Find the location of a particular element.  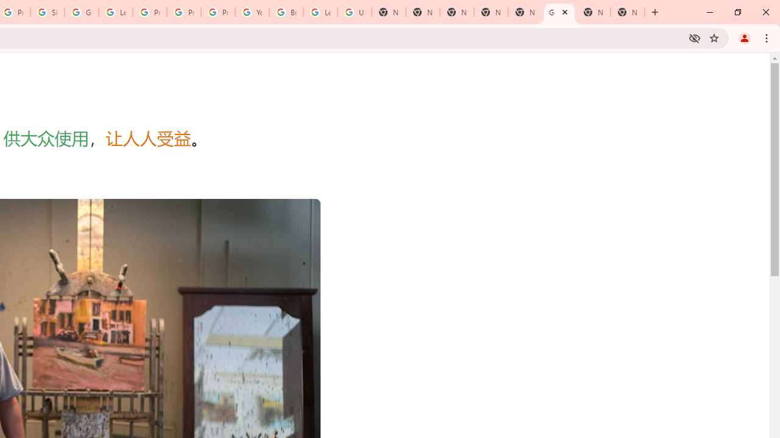

'Browse Chrome as a guest - Computer - Google Chrome Help' is located at coordinates (285, 12).